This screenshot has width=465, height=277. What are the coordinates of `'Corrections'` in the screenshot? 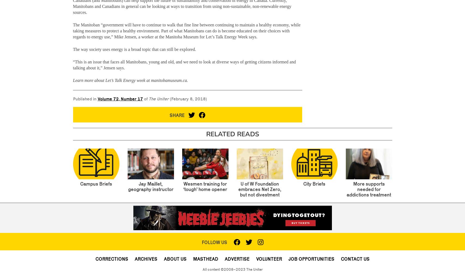 It's located at (112, 258).